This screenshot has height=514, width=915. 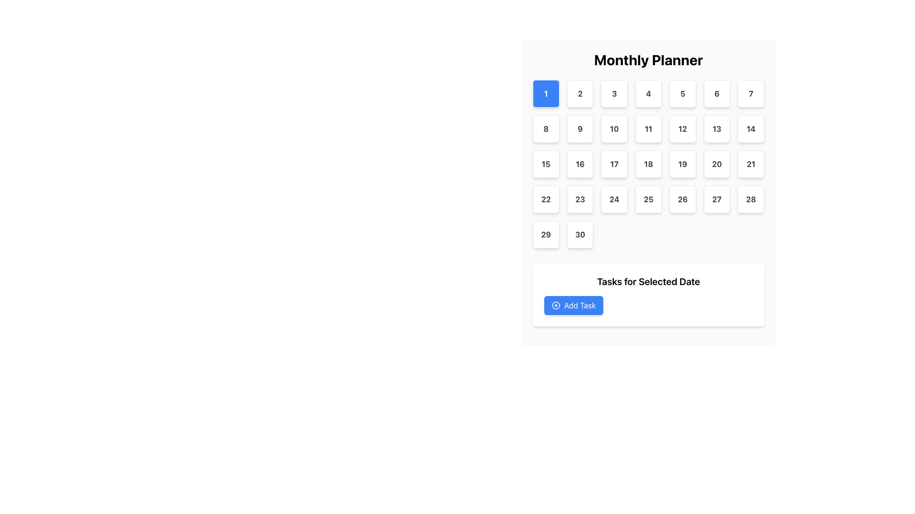 I want to click on the button representing the date 15 in the monthly planner calendar, so click(x=546, y=163).